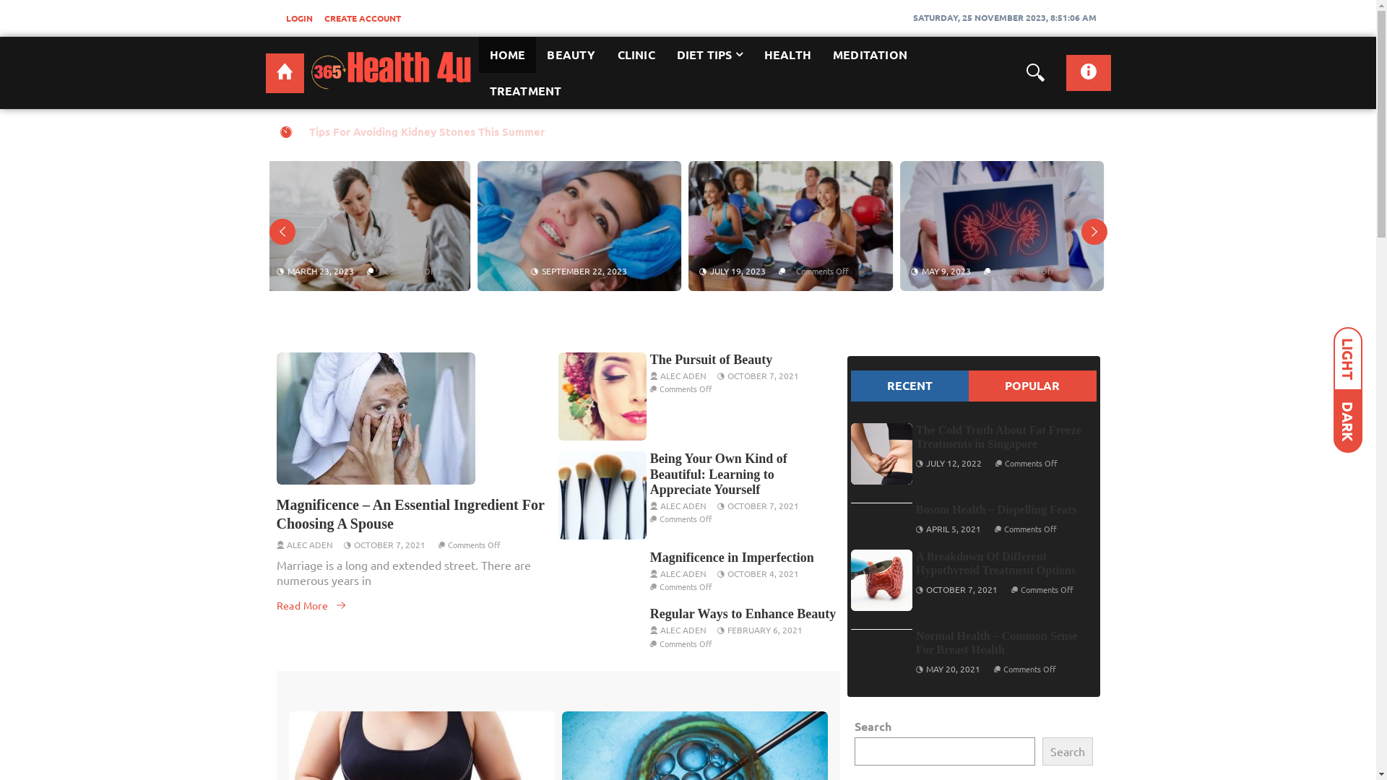 This screenshot has height=780, width=1387. I want to click on 'A Breakdown Of Different Hypothyroid Treatment Options', so click(995, 562).